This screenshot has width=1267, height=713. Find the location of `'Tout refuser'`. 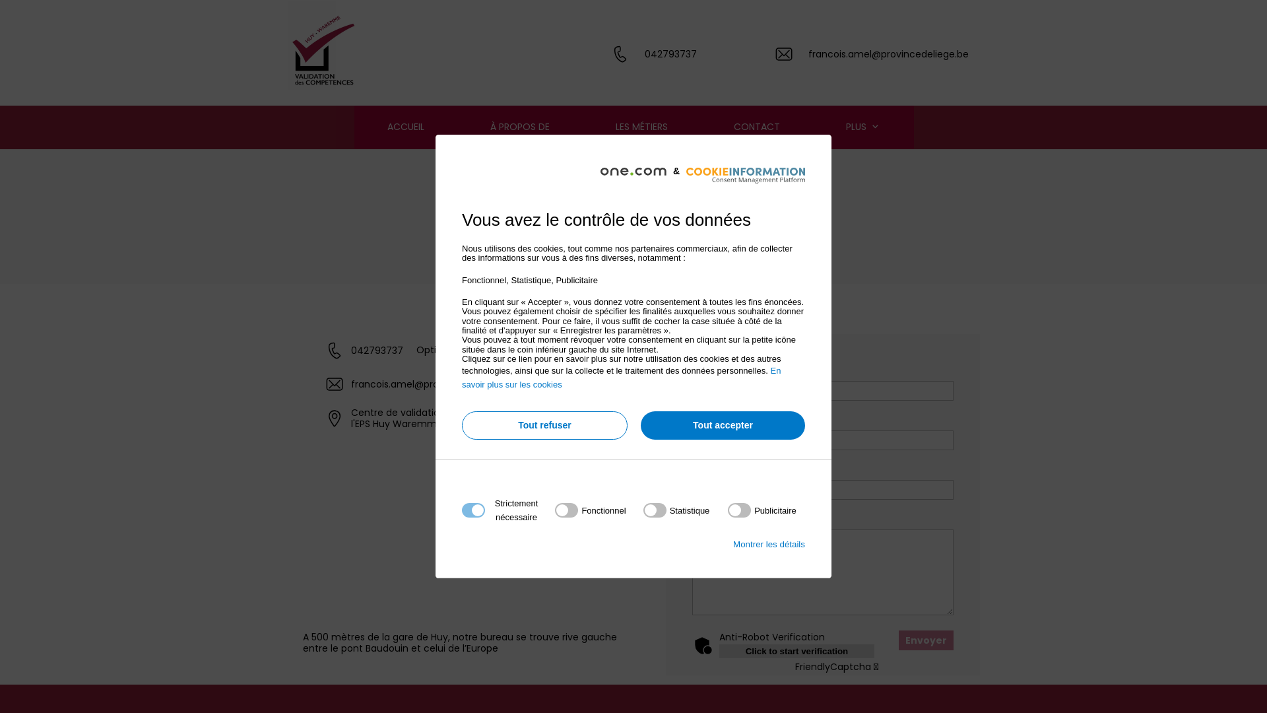

'Tout refuser' is located at coordinates (544, 425).